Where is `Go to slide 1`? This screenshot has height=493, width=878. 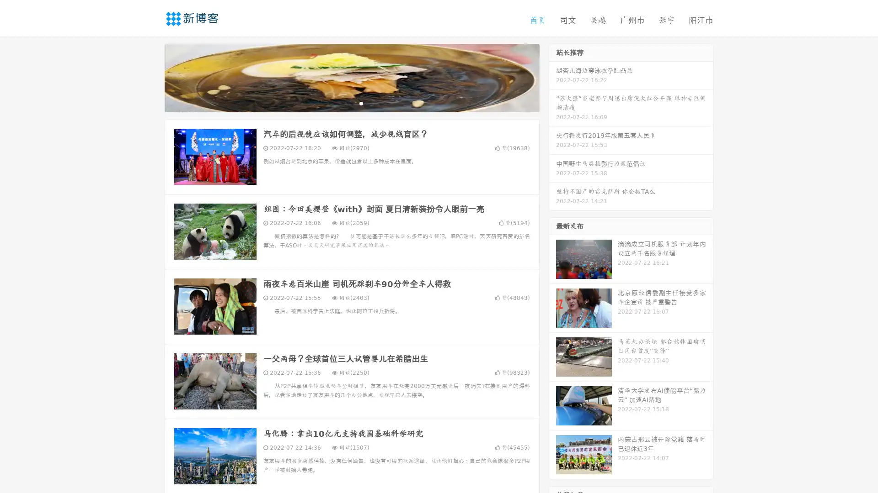
Go to slide 1 is located at coordinates (342, 103).